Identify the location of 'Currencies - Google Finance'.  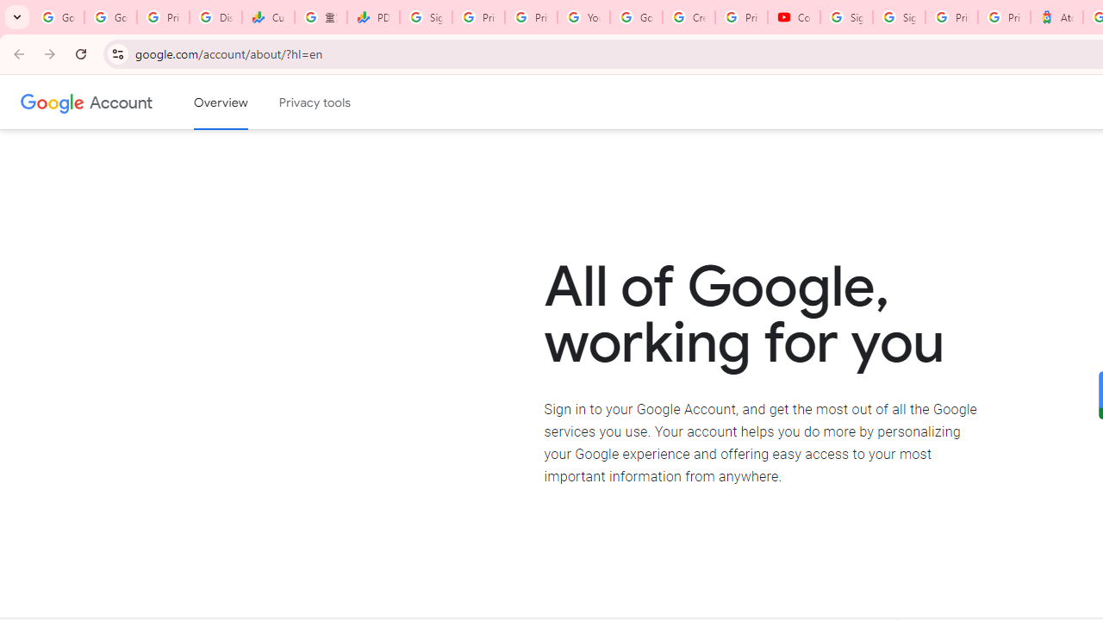
(267, 17).